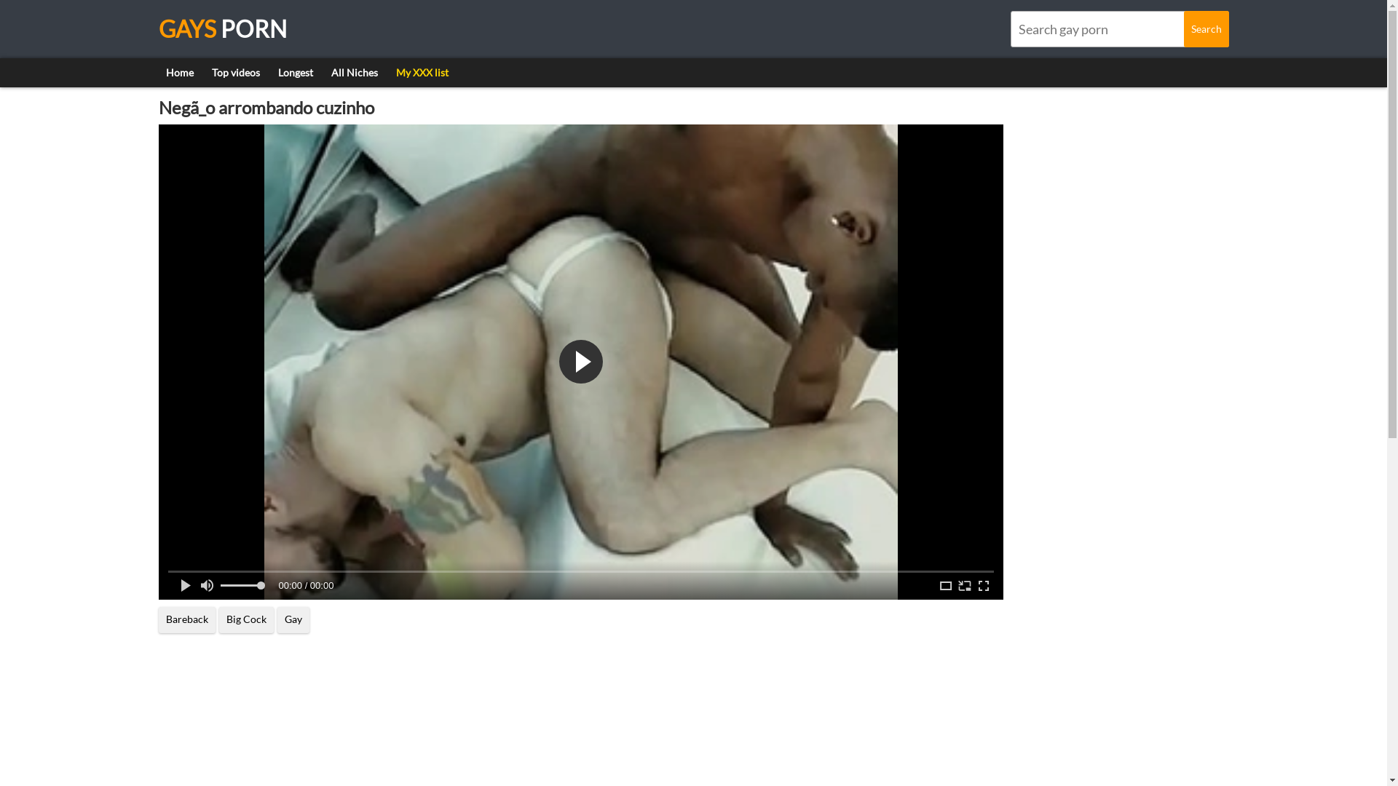 The width and height of the screenshot is (1398, 786). I want to click on 'Bareback', so click(186, 620).